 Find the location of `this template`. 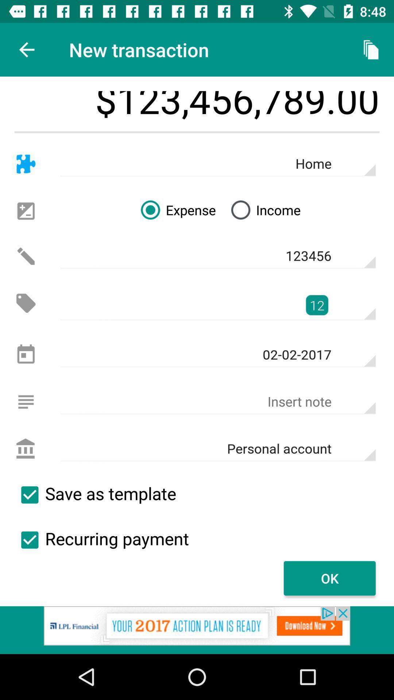

this template is located at coordinates (29, 495).